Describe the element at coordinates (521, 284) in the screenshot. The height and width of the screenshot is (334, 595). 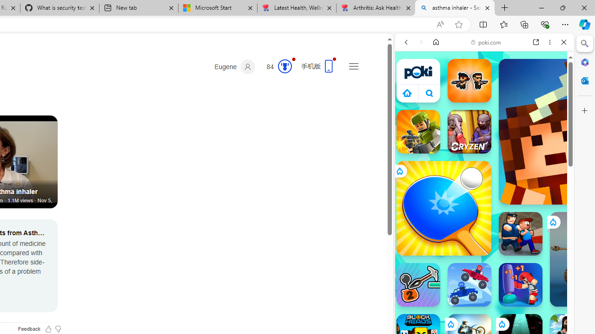
I see `'Punch Legend Simulator Punch Legend Simulator'` at that location.